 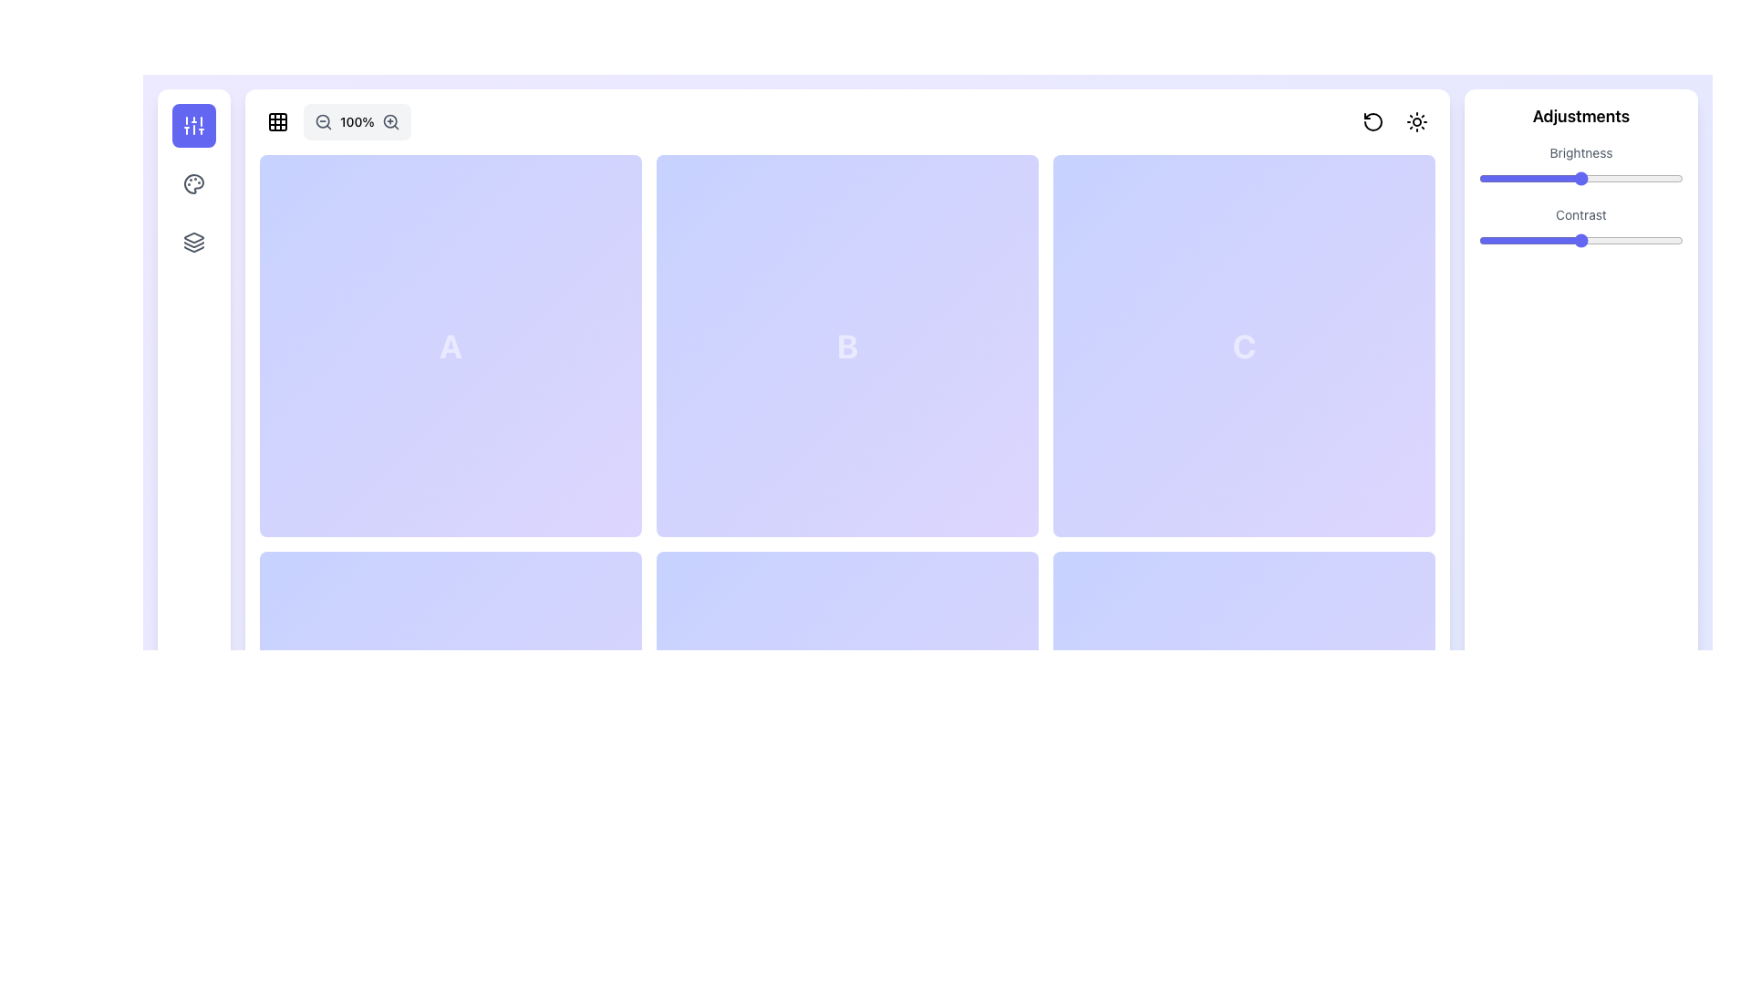 I want to click on the sun-shaped button in the top-right corner toolbar to adjust brightness settings, so click(x=1394, y=122).